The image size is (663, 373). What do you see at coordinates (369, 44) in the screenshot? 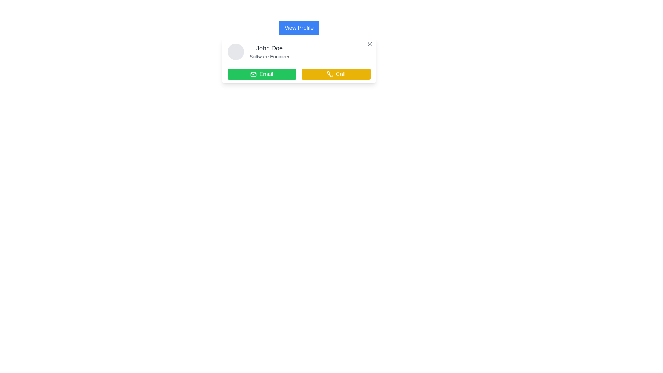
I see `the 'X' icon located in the upper-right corner of the profile card section` at bounding box center [369, 44].